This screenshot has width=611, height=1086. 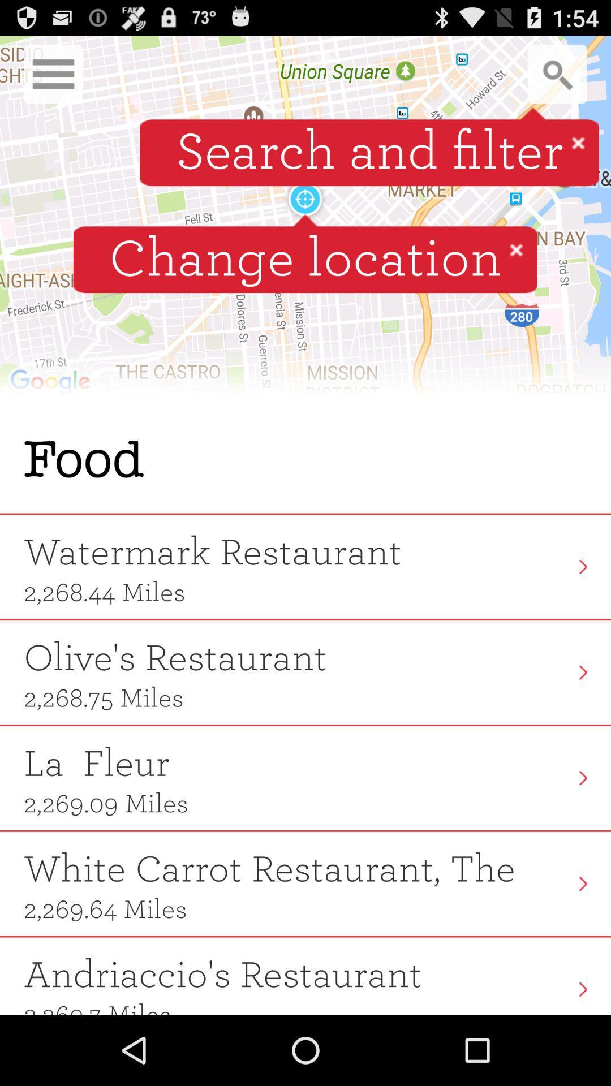 What do you see at coordinates (516, 249) in the screenshot?
I see `the item below search and filter icon` at bounding box center [516, 249].